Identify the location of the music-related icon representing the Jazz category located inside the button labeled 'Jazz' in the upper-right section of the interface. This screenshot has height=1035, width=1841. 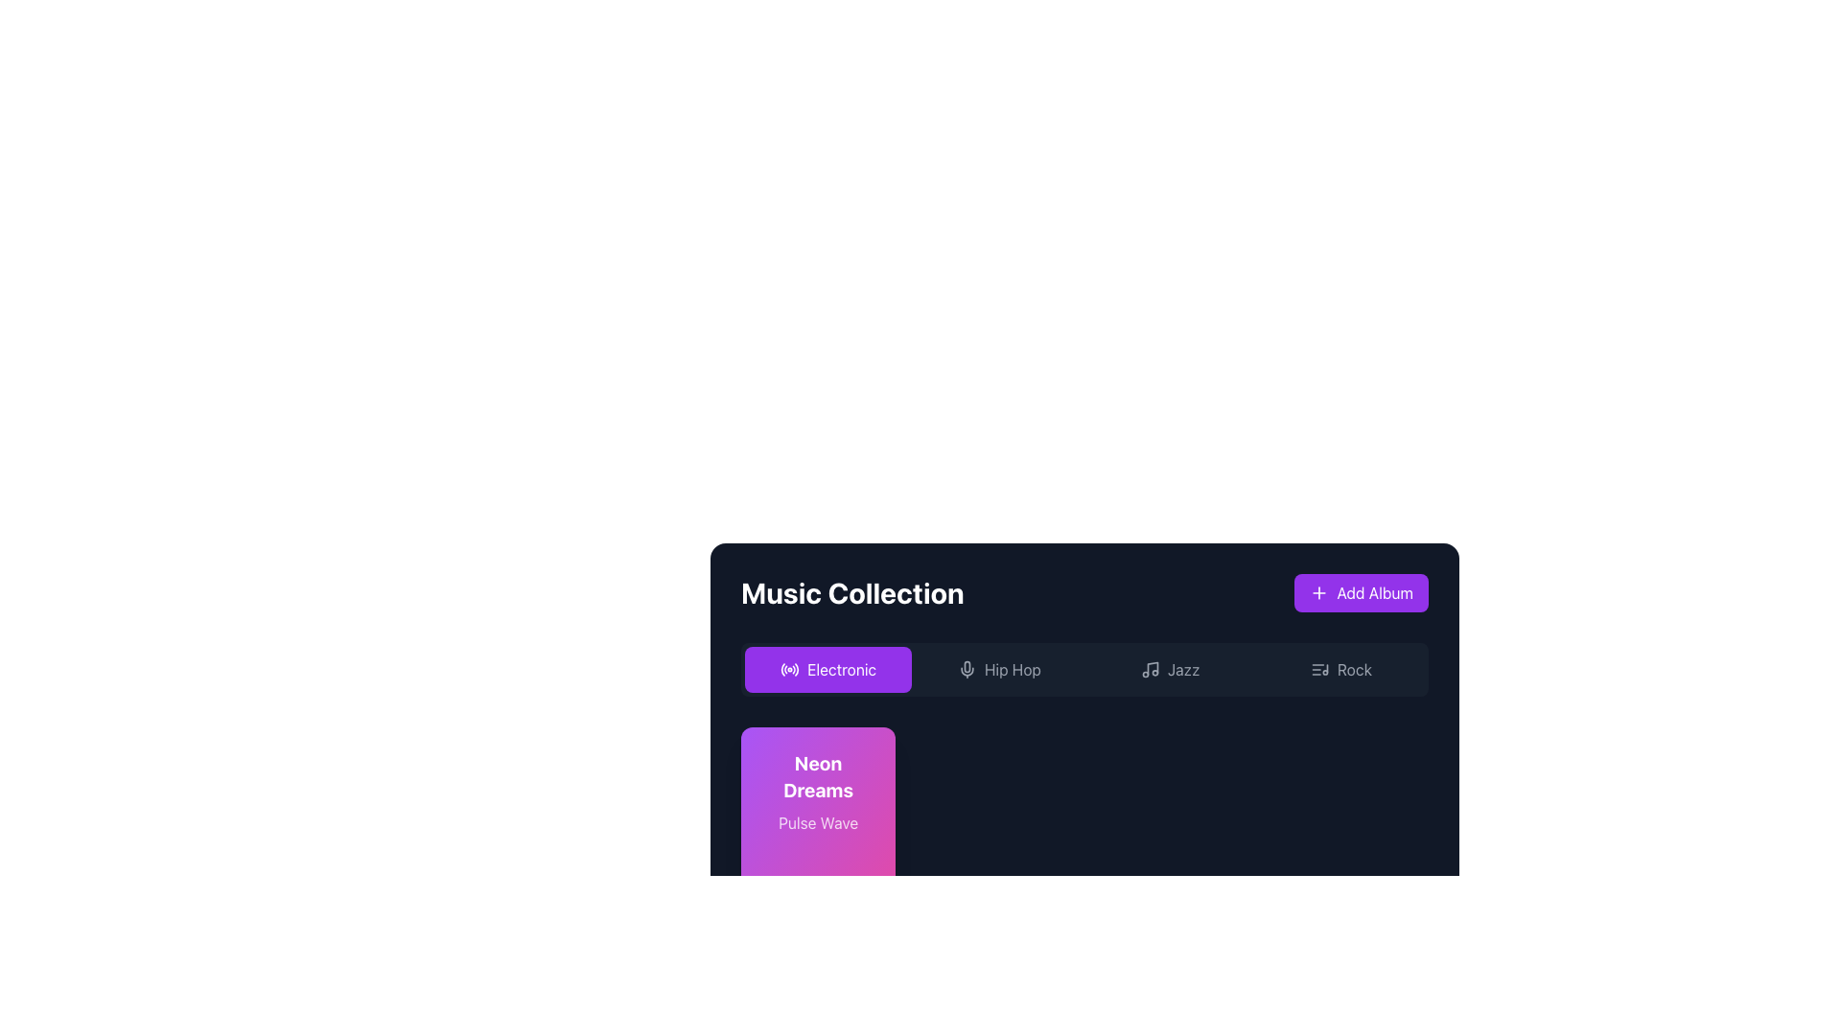
(1151, 668).